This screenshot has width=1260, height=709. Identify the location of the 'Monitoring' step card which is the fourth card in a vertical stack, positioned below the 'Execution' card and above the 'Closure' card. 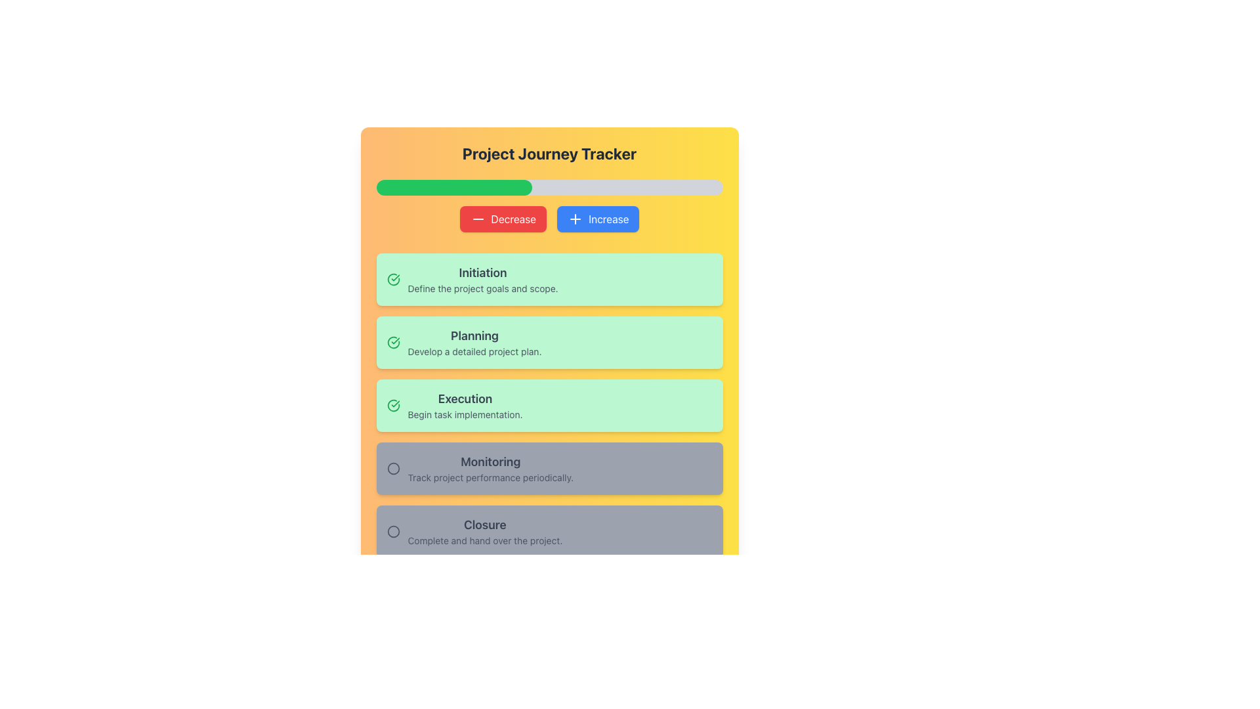
(490, 467).